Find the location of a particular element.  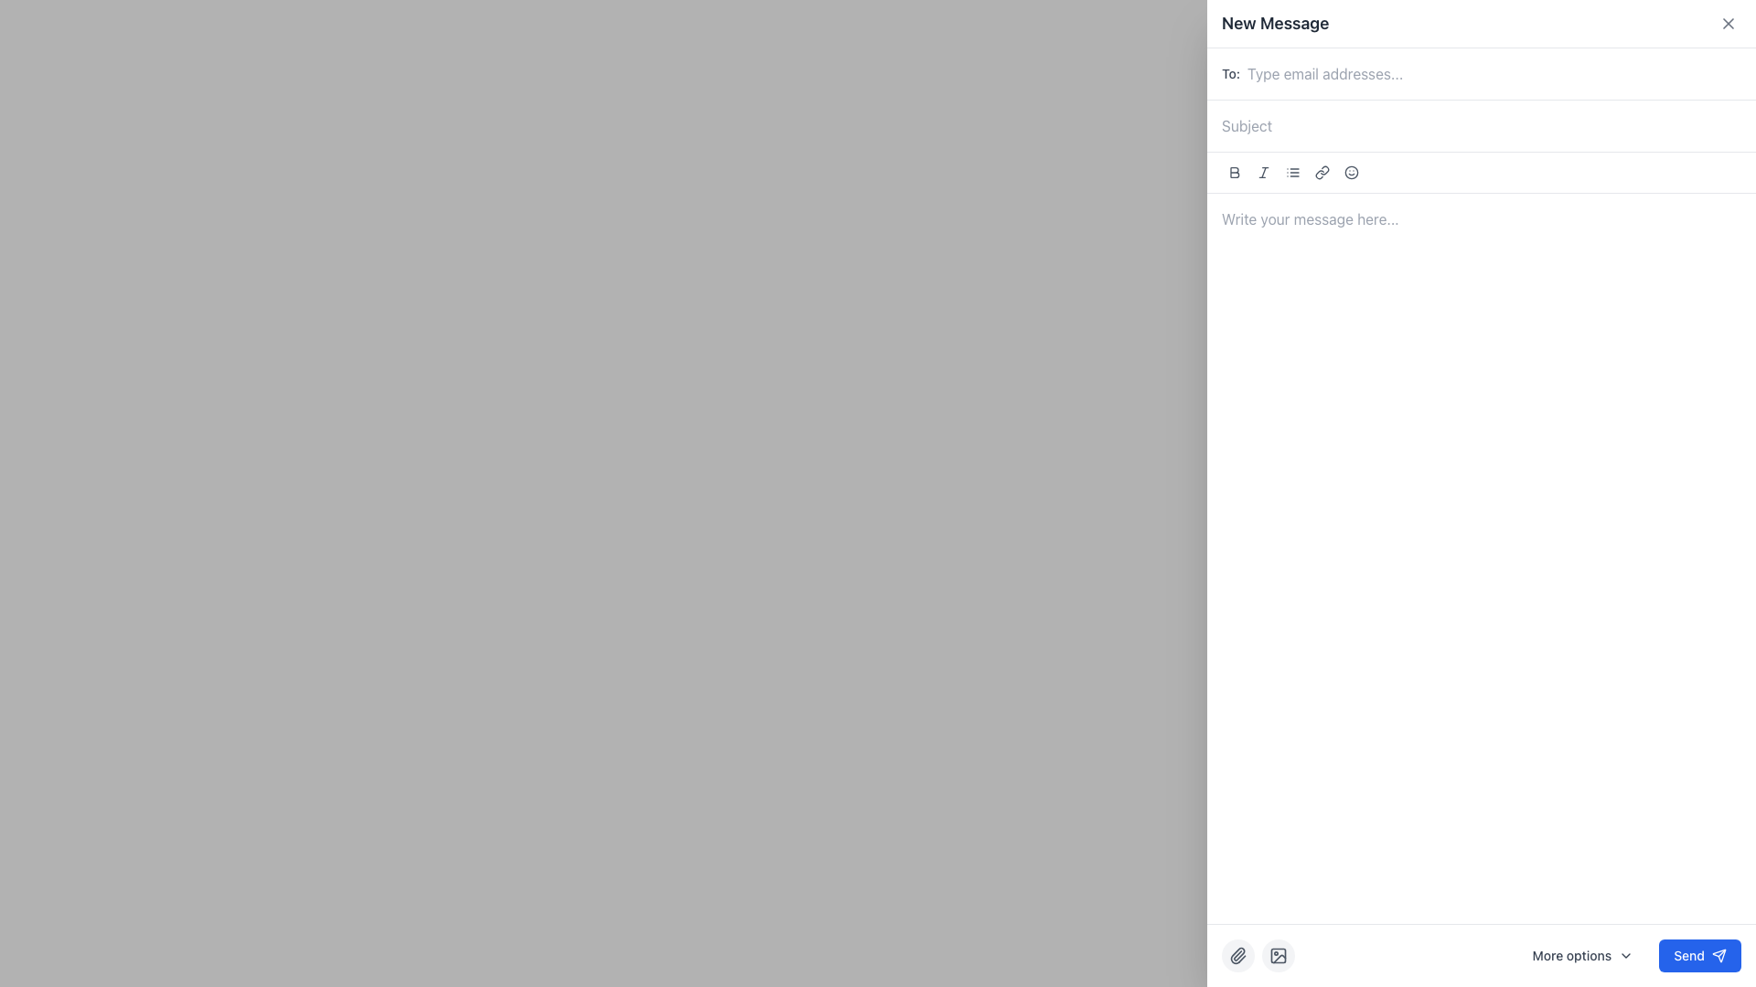

the chain link icon button located in the toolbar section near the top of the interface is located at coordinates (1322, 173).